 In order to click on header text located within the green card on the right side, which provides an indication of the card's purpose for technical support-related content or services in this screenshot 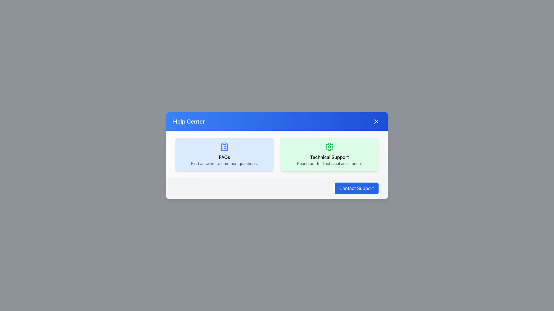, I will do `click(330, 157)`.